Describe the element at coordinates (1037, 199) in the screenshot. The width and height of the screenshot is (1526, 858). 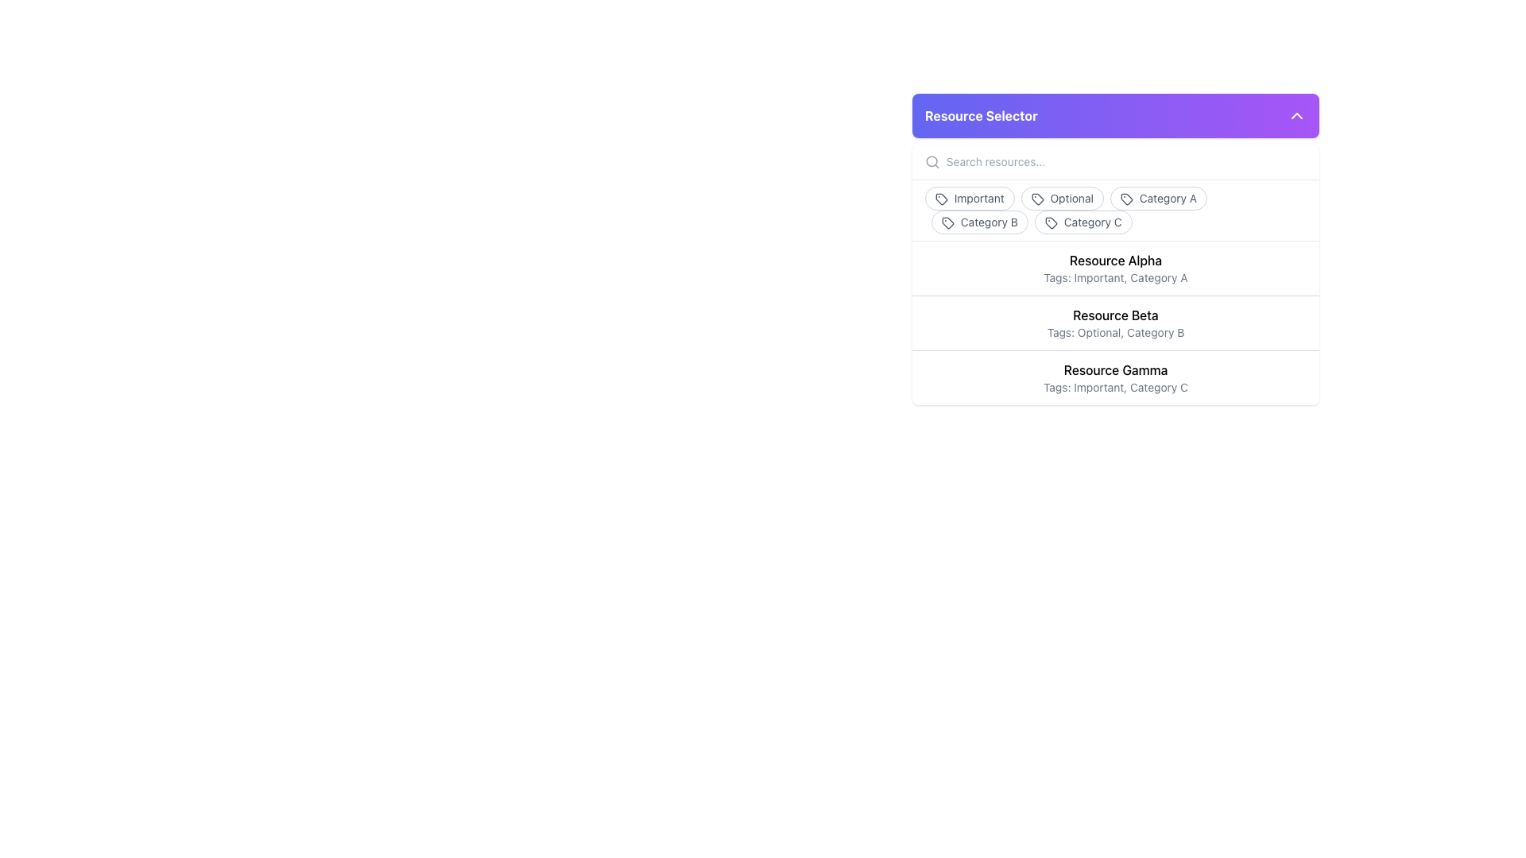
I see `the small dark gray tag icon located inline before the text label 'Optional' within the pill-shaped button` at that location.